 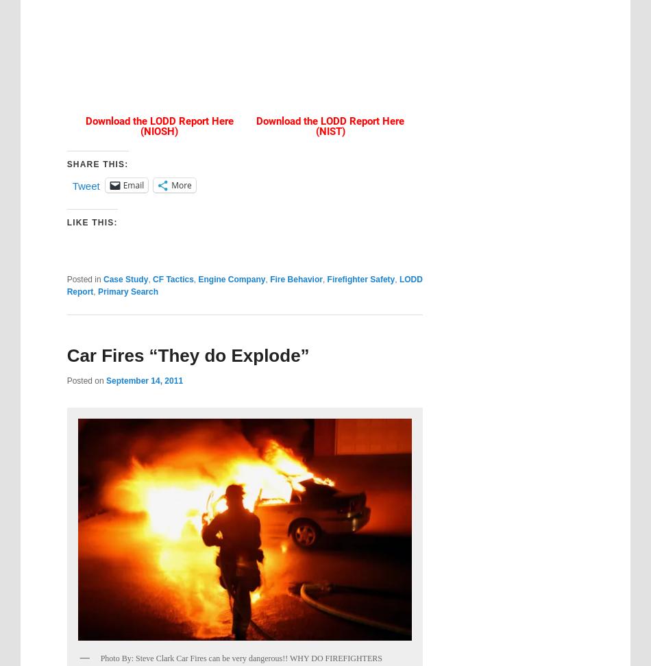 I want to click on 'Engine Company', so click(x=231, y=278).